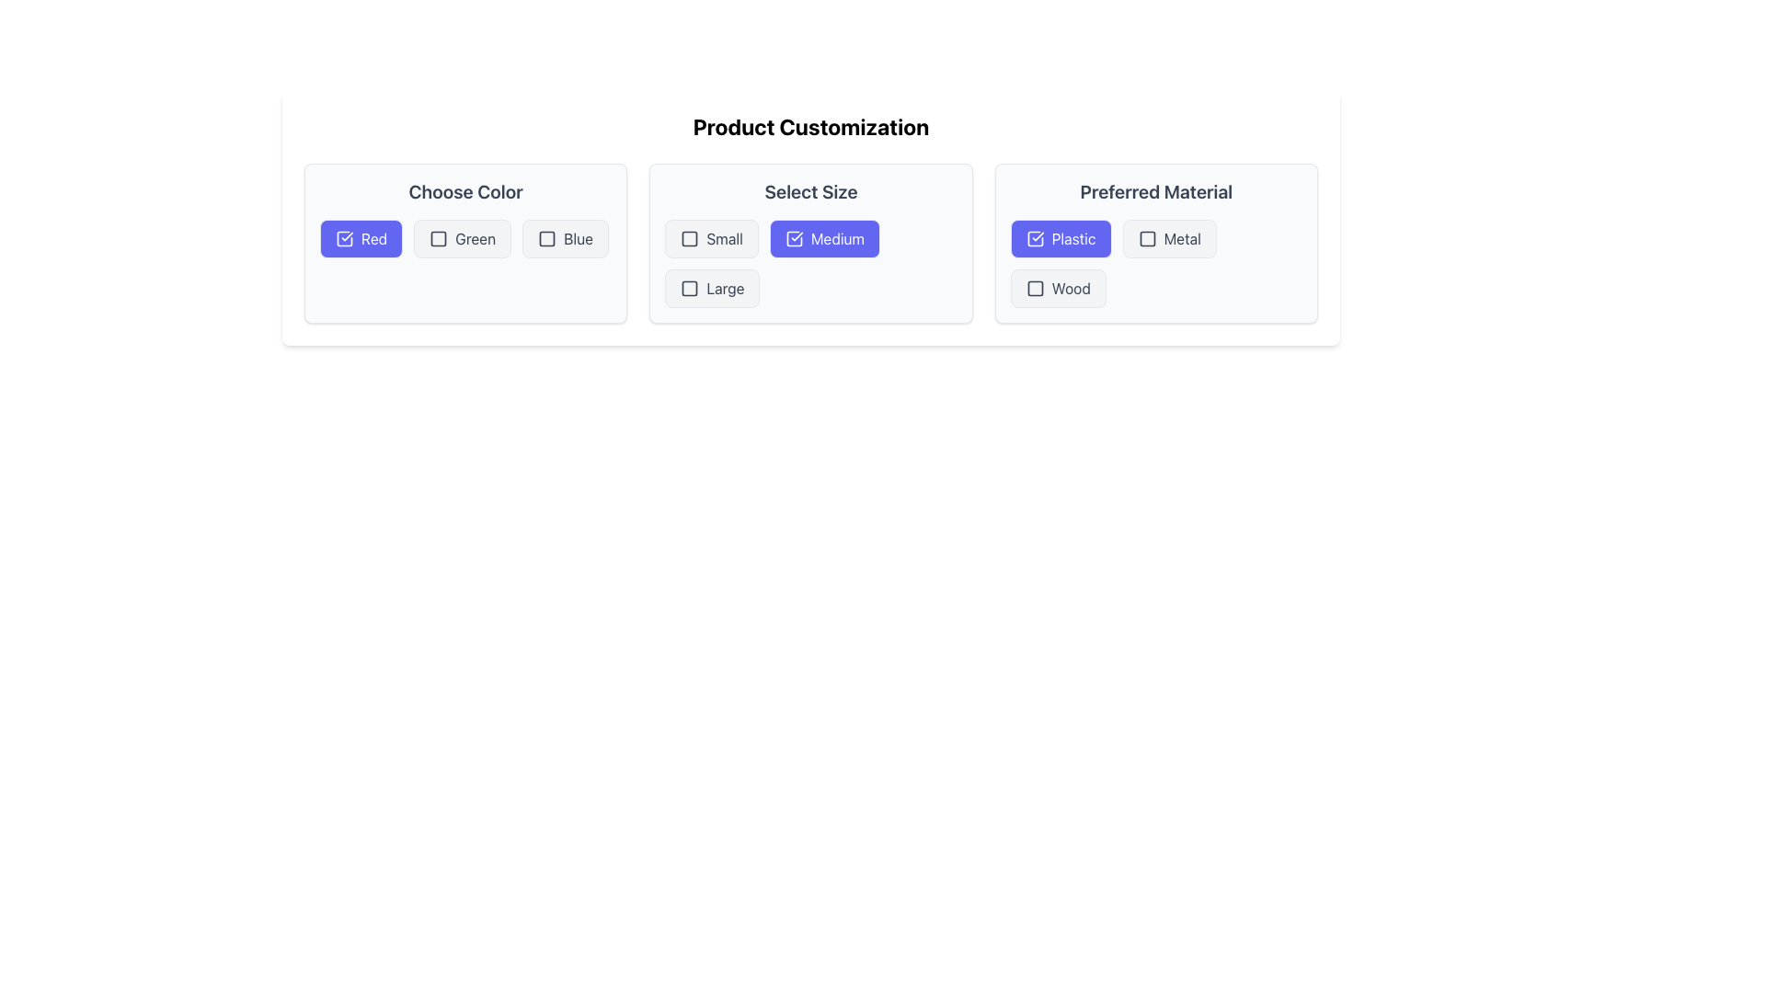 Image resolution: width=1766 pixels, height=993 pixels. Describe the element at coordinates (1061, 237) in the screenshot. I see `the selectable button for the material type 'Plastic' in the 'Preferred Material' options` at that location.